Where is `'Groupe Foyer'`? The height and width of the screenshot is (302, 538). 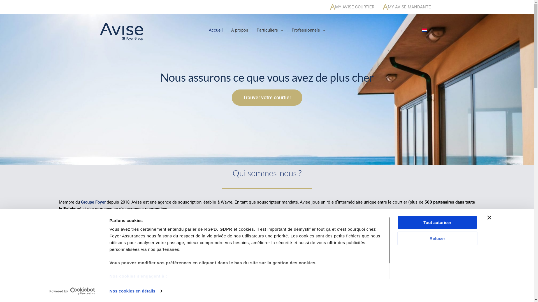 'Groupe Foyer' is located at coordinates (93, 202).